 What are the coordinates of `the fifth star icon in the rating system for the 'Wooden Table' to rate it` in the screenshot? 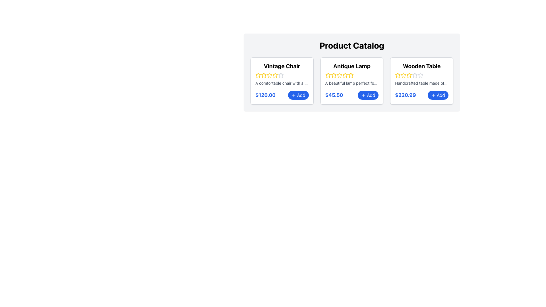 It's located at (415, 75).